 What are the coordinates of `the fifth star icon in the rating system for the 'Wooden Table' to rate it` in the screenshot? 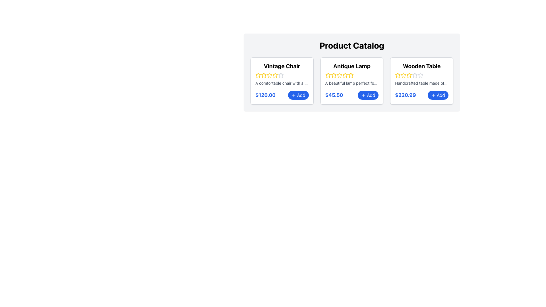 It's located at (415, 75).